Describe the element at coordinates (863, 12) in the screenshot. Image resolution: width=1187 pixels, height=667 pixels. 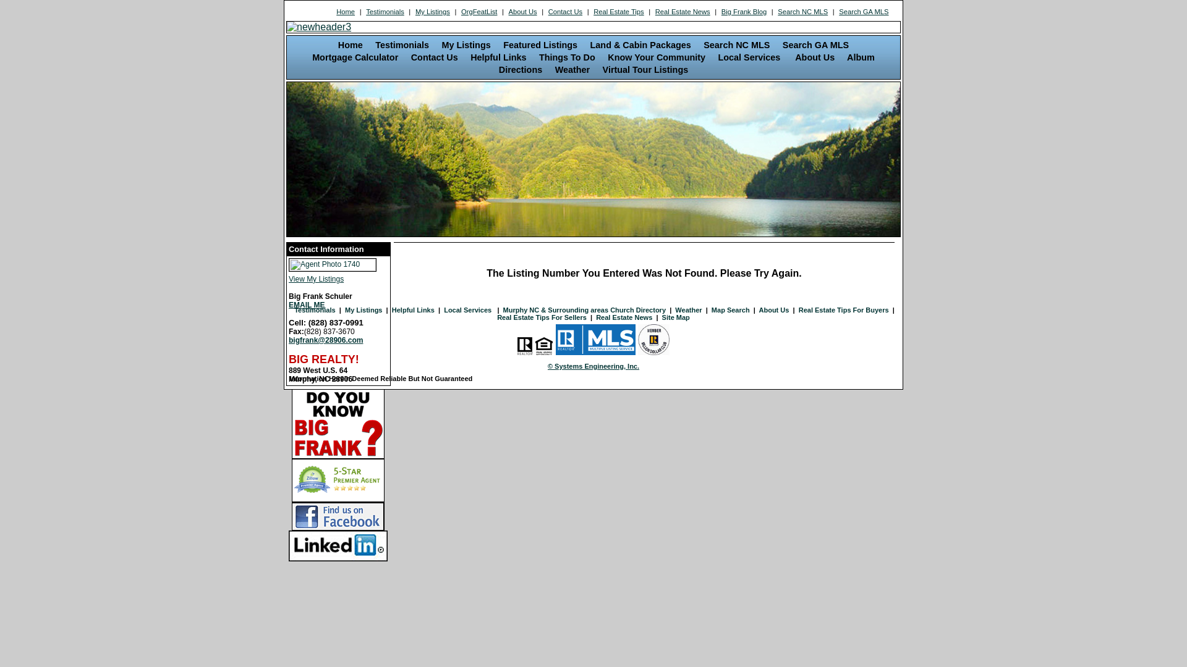
I see `'Search GA MLS'` at that location.